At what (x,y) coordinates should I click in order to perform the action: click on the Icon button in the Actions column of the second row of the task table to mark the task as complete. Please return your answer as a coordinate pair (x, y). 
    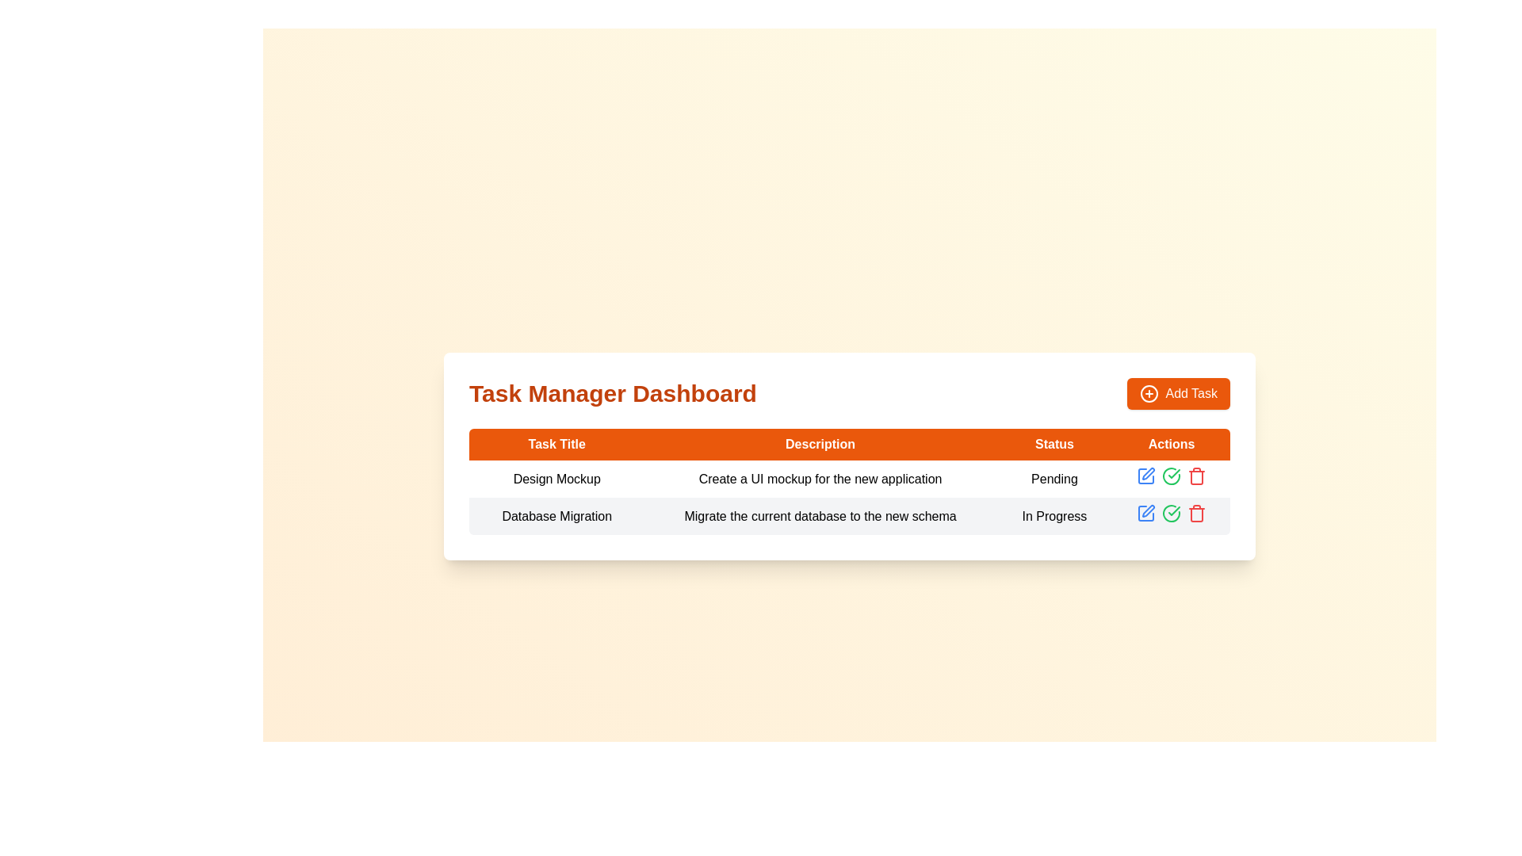
    Looking at the image, I should click on (1172, 513).